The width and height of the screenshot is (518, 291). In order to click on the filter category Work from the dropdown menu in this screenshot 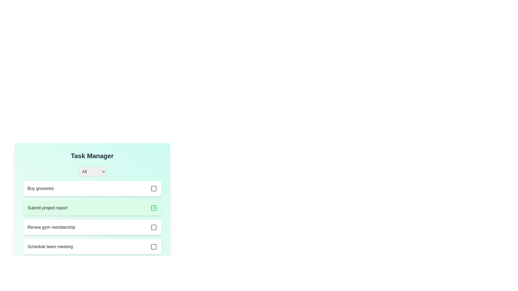, I will do `click(92, 172)`.